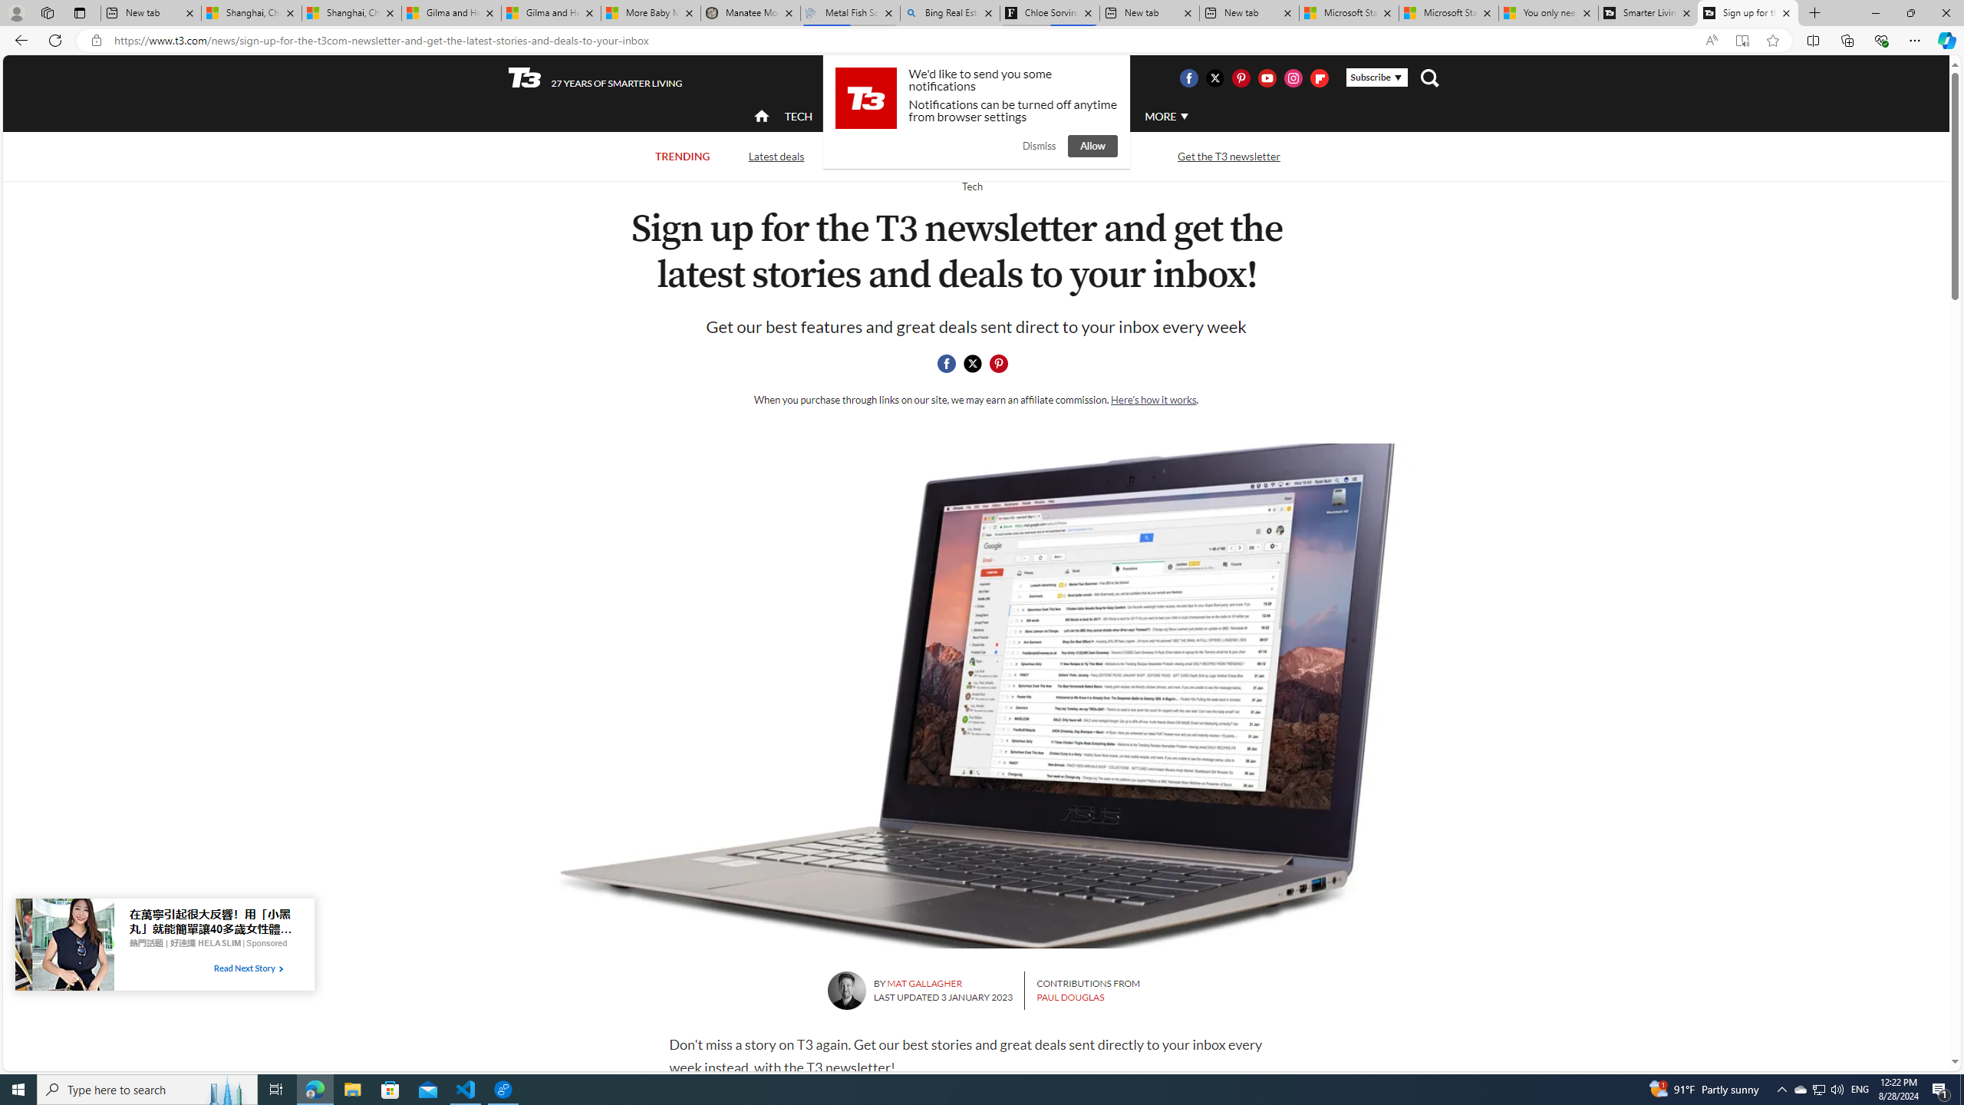 This screenshot has width=1964, height=1105. What do you see at coordinates (797, 115) in the screenshot?
I see `'TECH'` at bounding box center [797, 115].